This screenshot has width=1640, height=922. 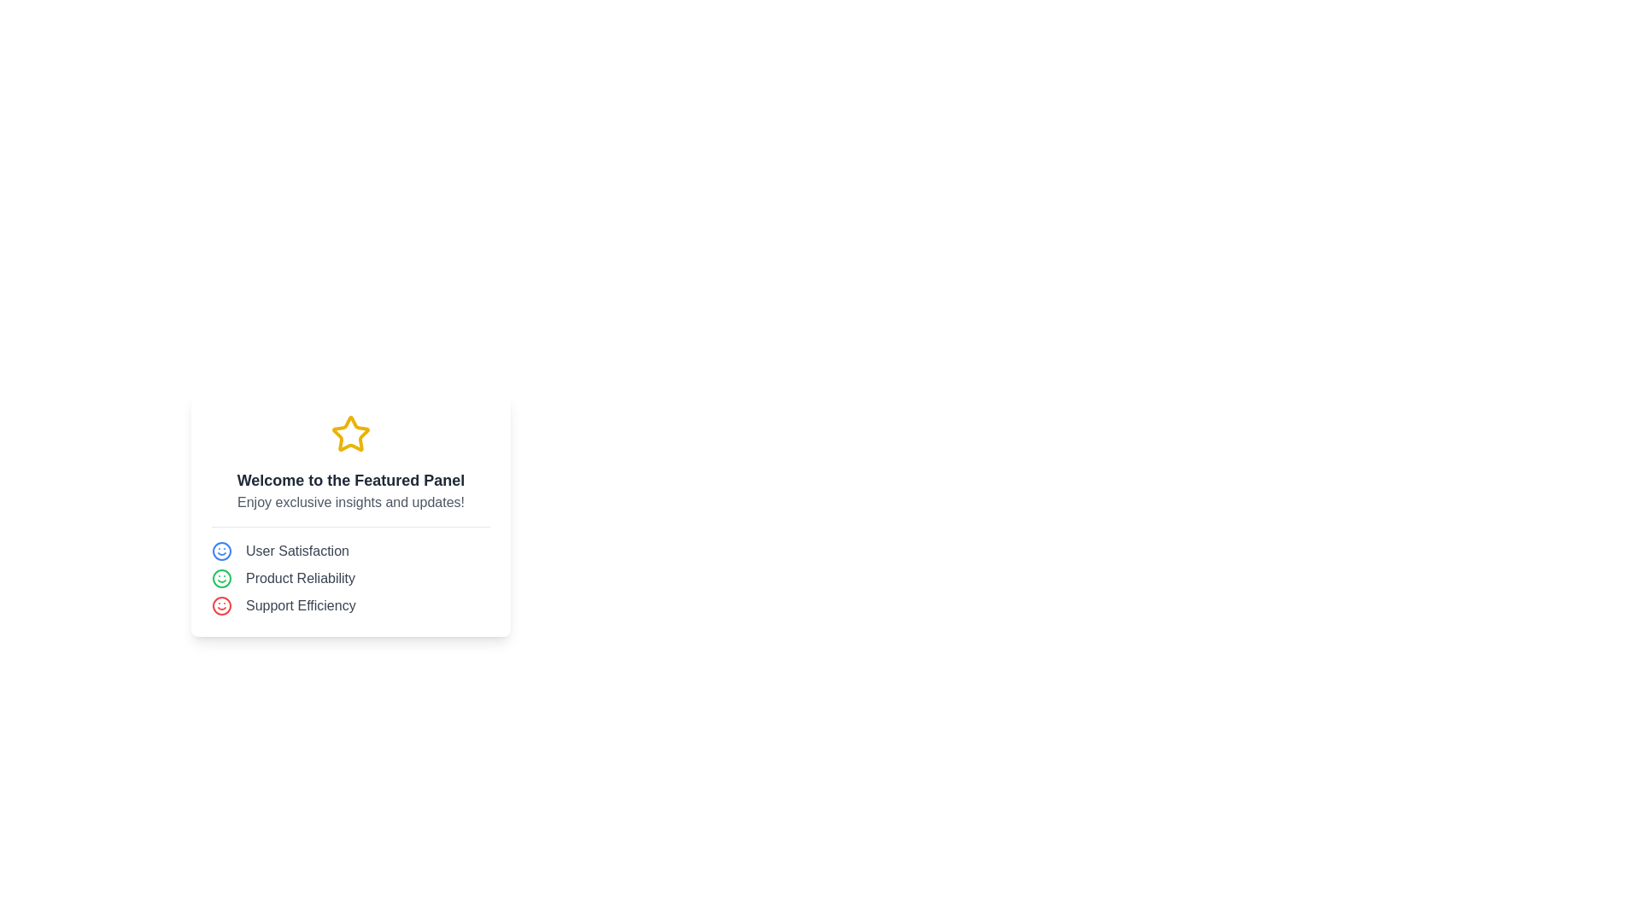 What do you see at coordinates (350, 577) in the screenshot?
I see `the second item in the vertically stacked group of three, labeled with an icon that summarizes product reliability, to potentially view further details` at bounding box center [350, 577].